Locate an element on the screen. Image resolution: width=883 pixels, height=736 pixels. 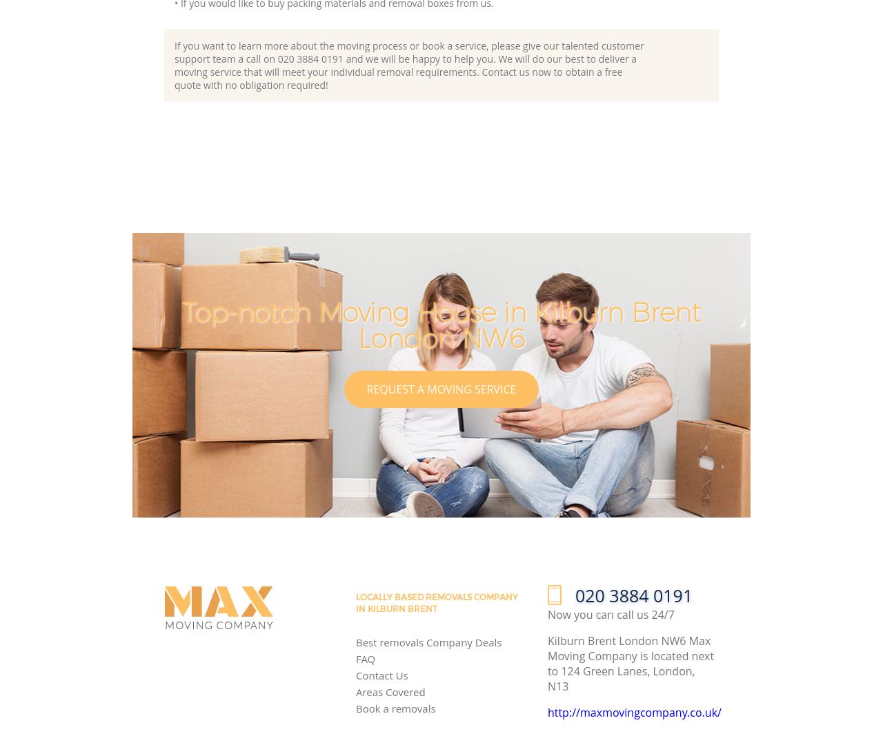
'Areas Covered' is located at coordinates (389, 692).